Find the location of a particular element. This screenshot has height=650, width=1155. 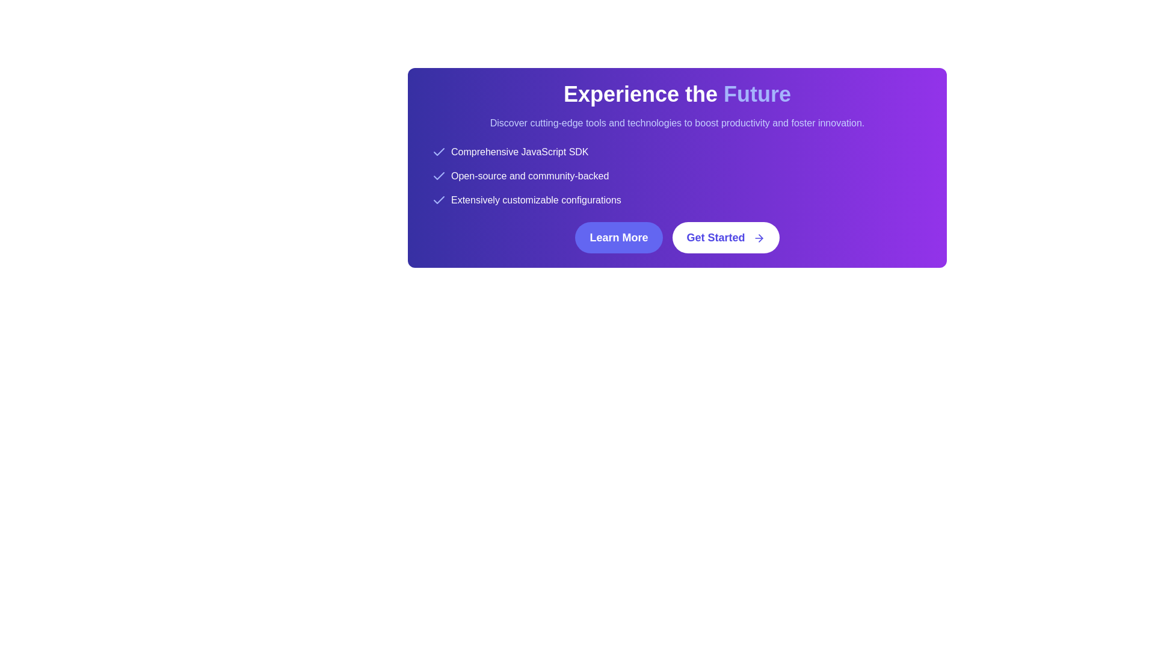

the List with icons that presents key features or benefits of the product, located below the heading 'Experience the Future' is located at coordinates (677, 176).